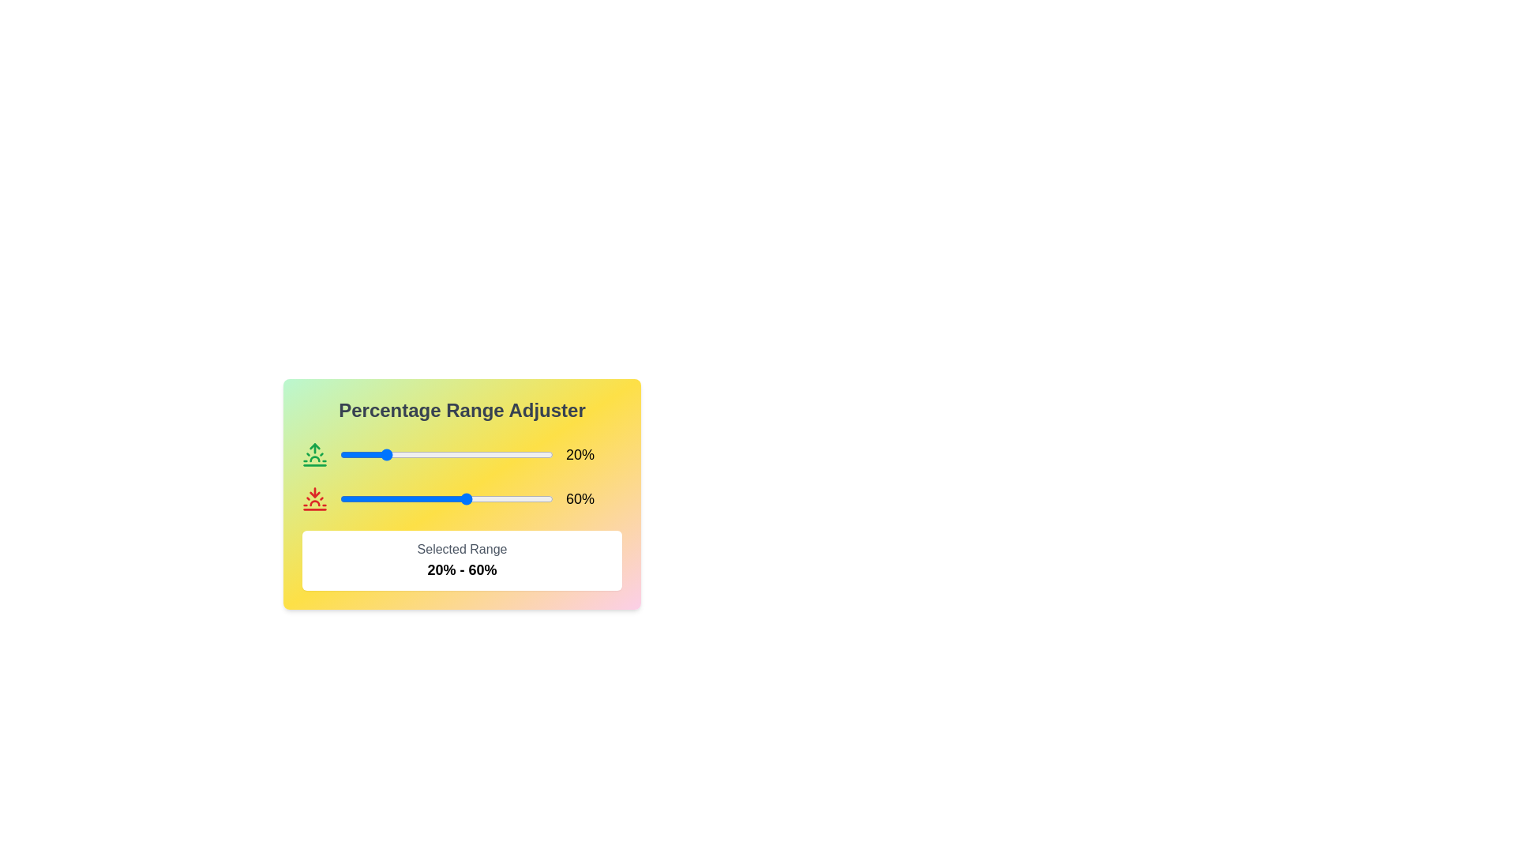 The width and height of the screenshot is (1516, 853). What do you see at coordinates (352, 454) in the screenshot?
I see `the slider` at bounding box center [352, 454].